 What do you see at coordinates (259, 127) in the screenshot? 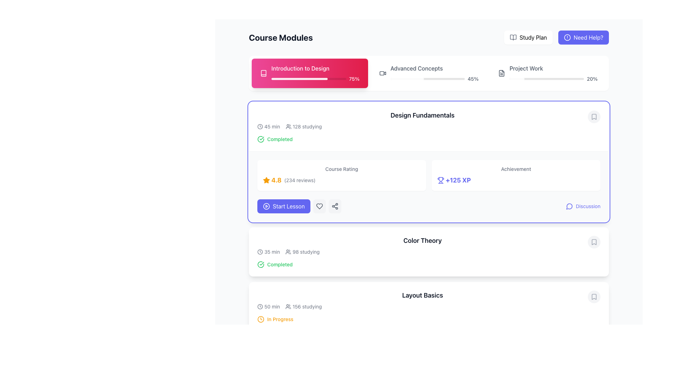
I see `the time-related icon located to the left of the '45 min' text in the 'Design Fundamentals' section of the course modules` at bounding box center [259, 127].